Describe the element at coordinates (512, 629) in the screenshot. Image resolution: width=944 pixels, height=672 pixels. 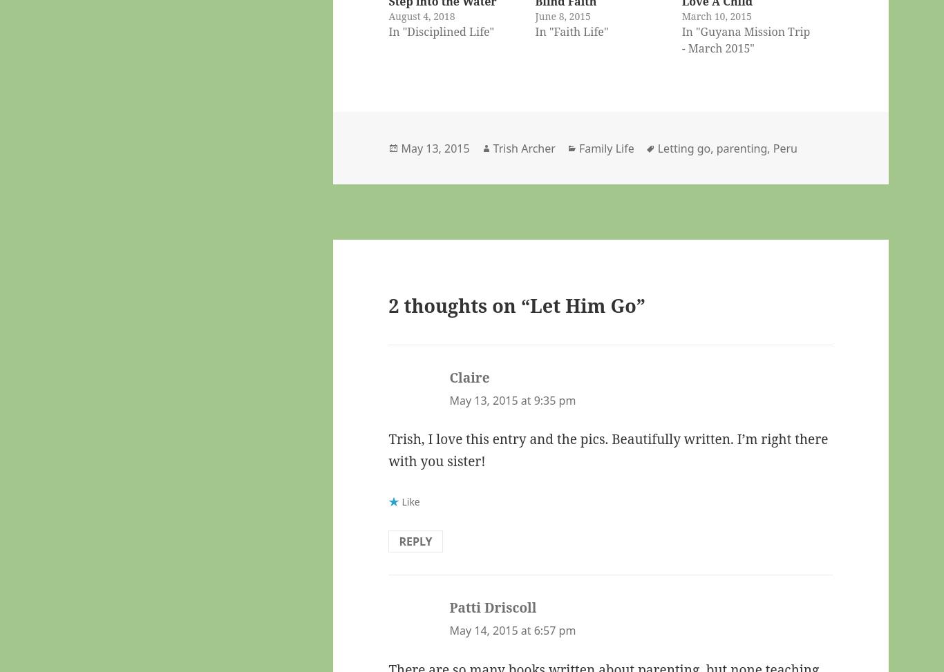
I see `'May 14, 2015 at 6:57 pm'` at that location.